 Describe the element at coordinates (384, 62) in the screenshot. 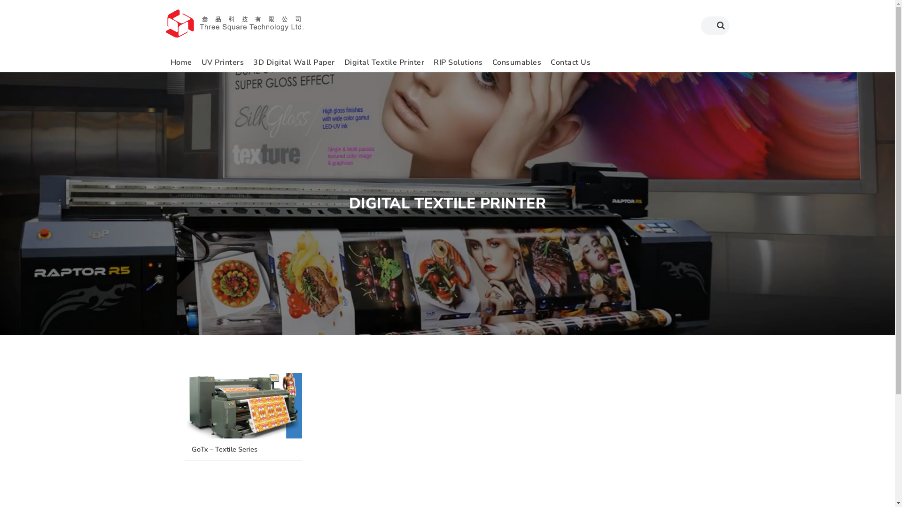

I see `'Digital Textile Printer'` at that location.